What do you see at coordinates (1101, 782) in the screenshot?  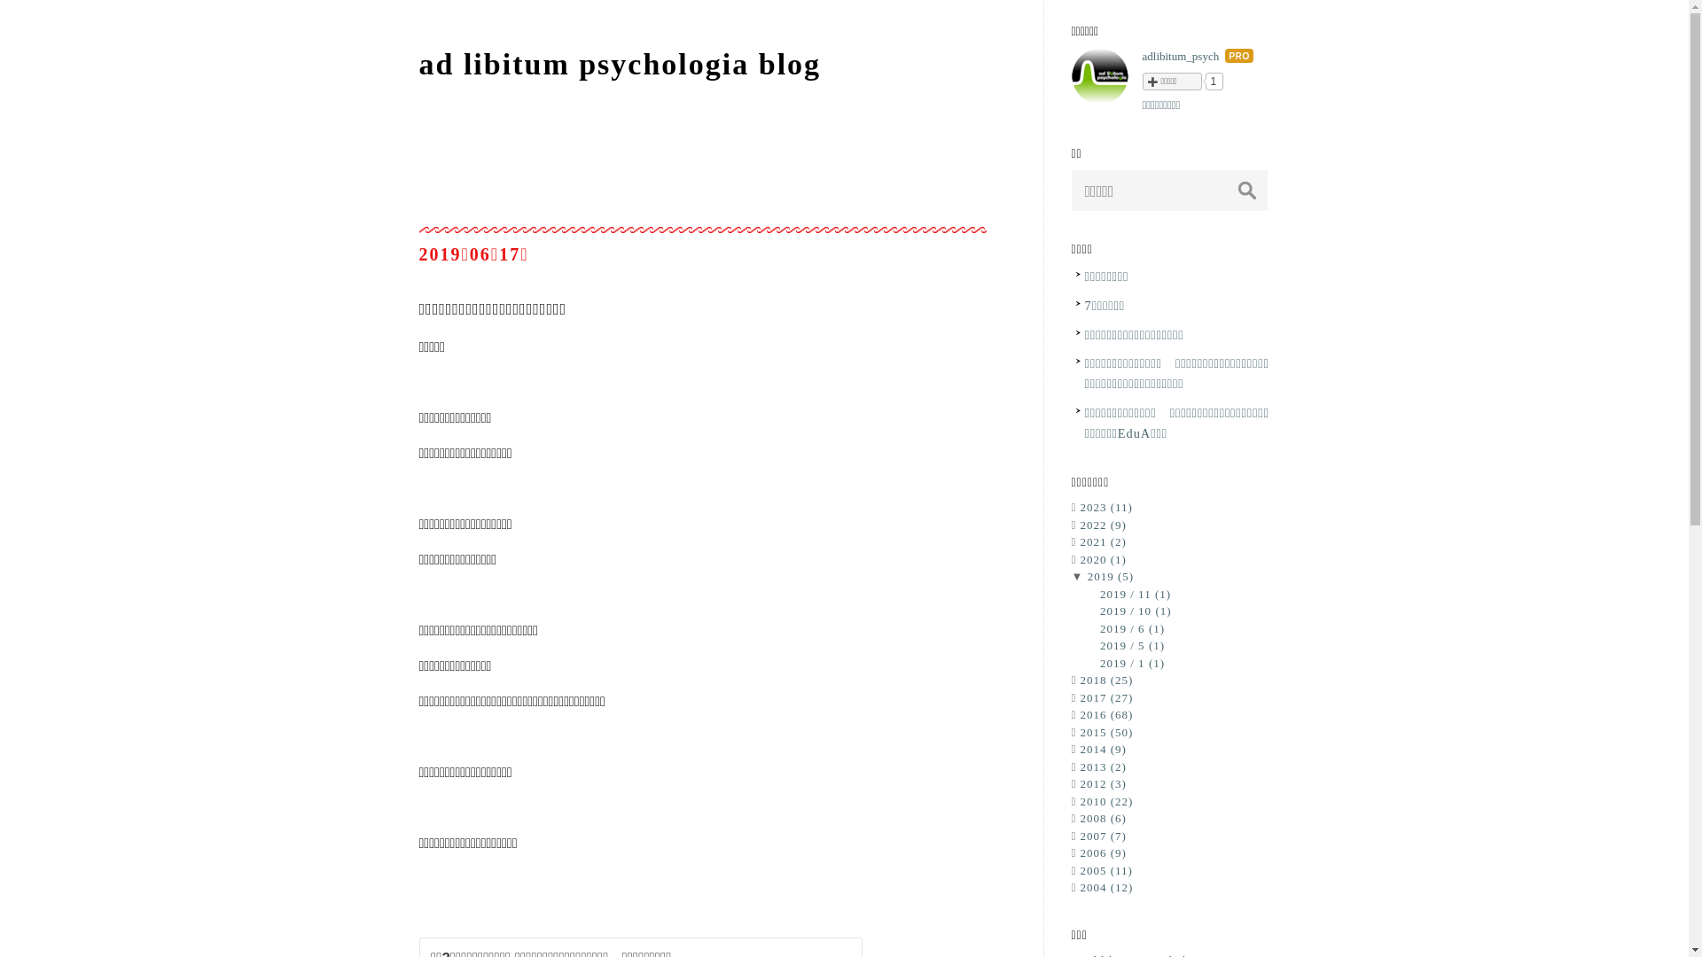 I see `'2012 (3)'` at bounding box center [1101, 782].